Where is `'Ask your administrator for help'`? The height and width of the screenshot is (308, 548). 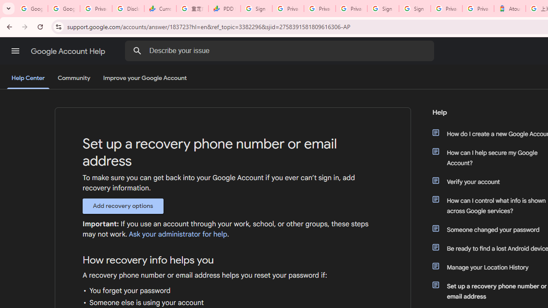
'Ask your administrator for help' is located at coordinates (177, 234).